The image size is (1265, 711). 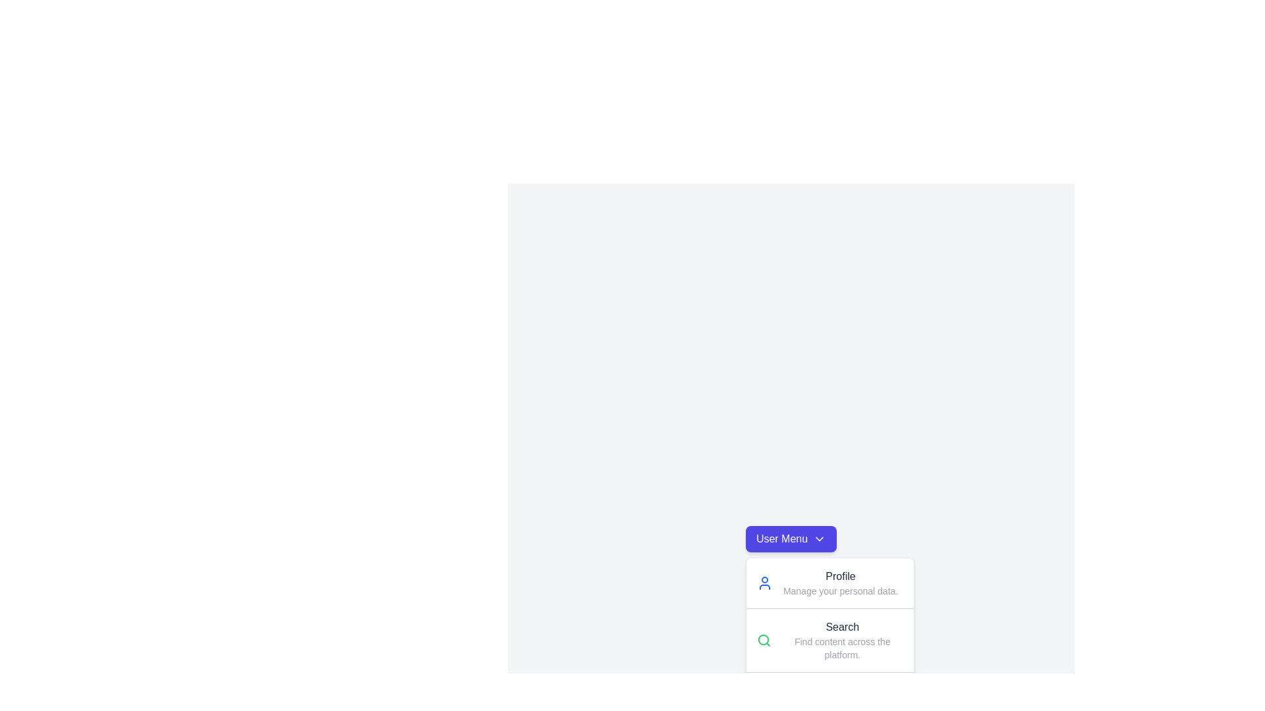 I want to click on the 'Profile' text label which is styled as part of the navigation section and appears above the 'Manage your personal data.' text element, so click(x=840, y=575).